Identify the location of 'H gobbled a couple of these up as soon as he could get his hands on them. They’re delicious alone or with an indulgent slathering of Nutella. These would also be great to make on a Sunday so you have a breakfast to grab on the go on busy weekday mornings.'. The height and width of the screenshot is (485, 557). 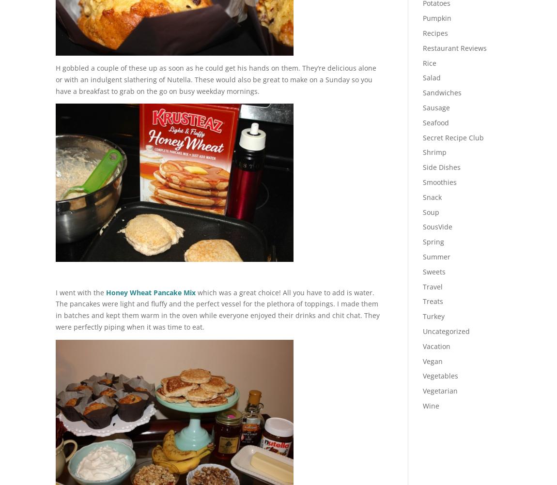
(216, 78).